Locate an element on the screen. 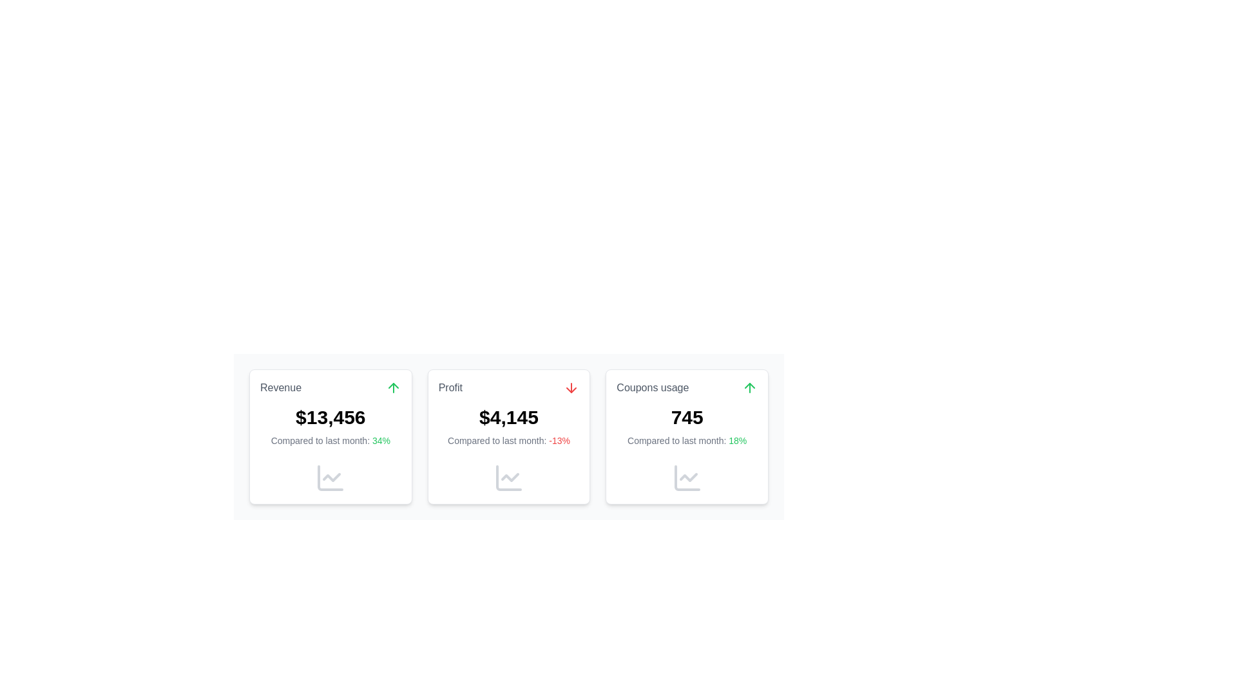 This screenshot has width=1237, height=695. the text label displaying '$4,145' in bold black font, located in the 'Profit' card is located at coordinates (508, 417).